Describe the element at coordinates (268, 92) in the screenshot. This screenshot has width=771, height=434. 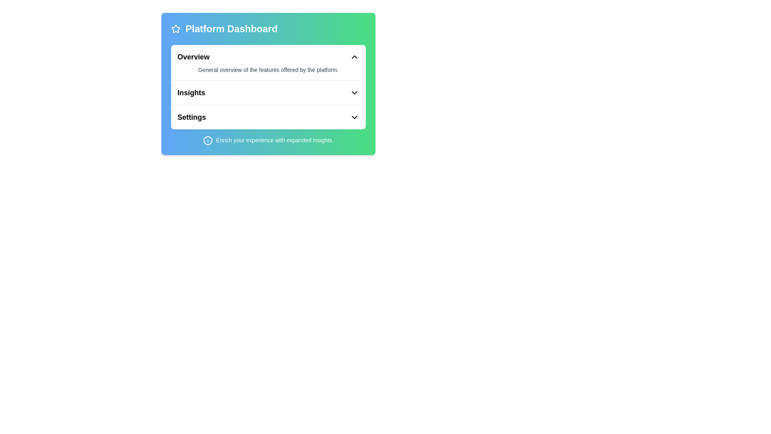
I see `the Collapsible section heading located between the 'Overview' and 'Settings' items` at that location.